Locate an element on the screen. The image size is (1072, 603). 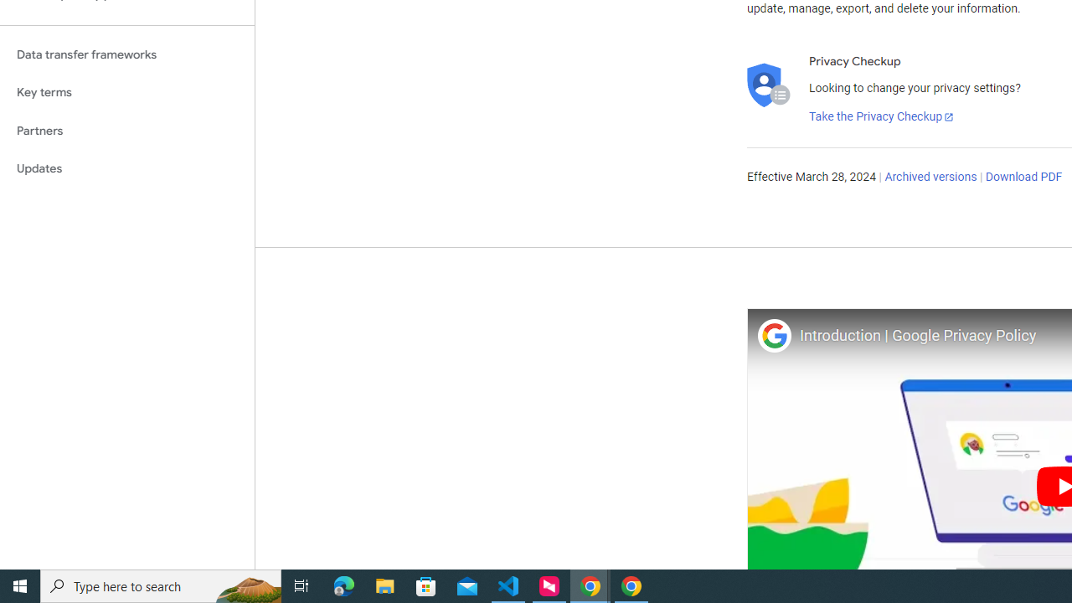
'Key terms' is located at coordinates (126, 92).